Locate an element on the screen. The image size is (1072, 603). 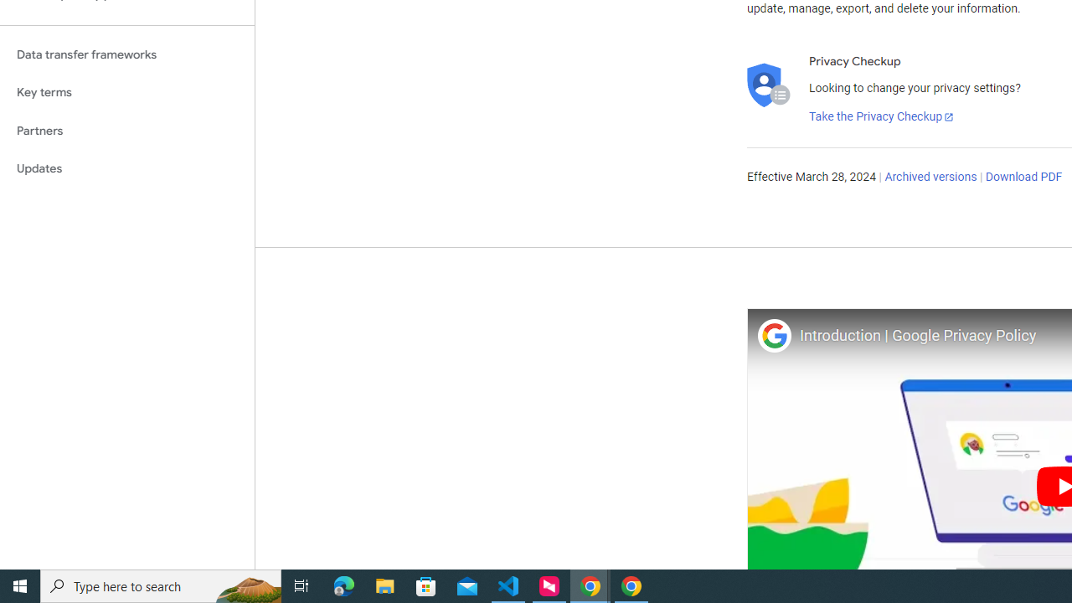
'Key terms' is located at coordinates (126, 92).